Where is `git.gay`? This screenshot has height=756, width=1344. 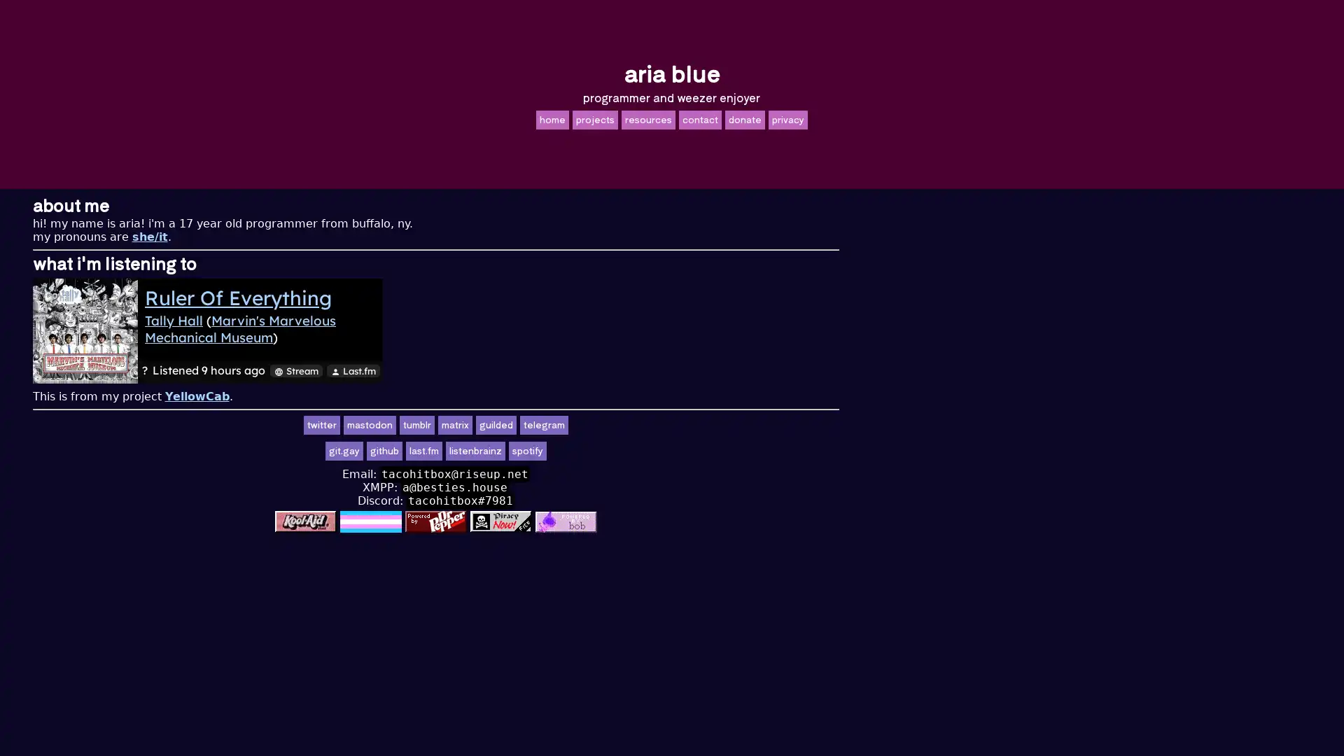 git.gay is located at coordinates (580, 451).